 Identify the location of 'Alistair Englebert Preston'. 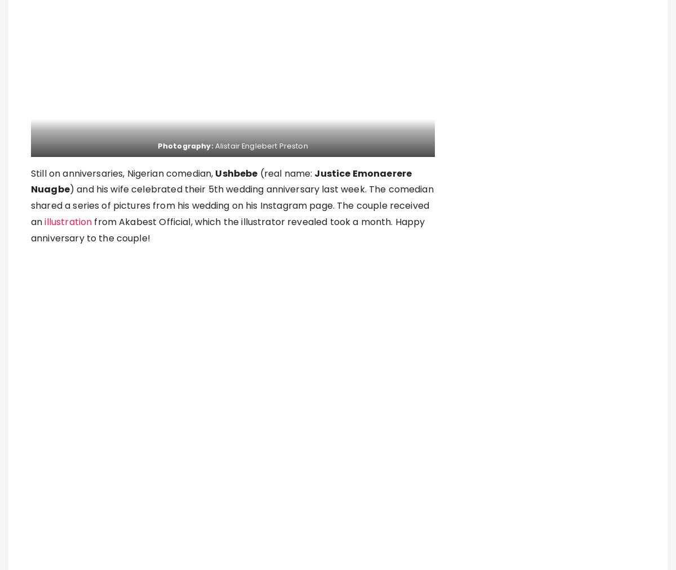
(215, 145).